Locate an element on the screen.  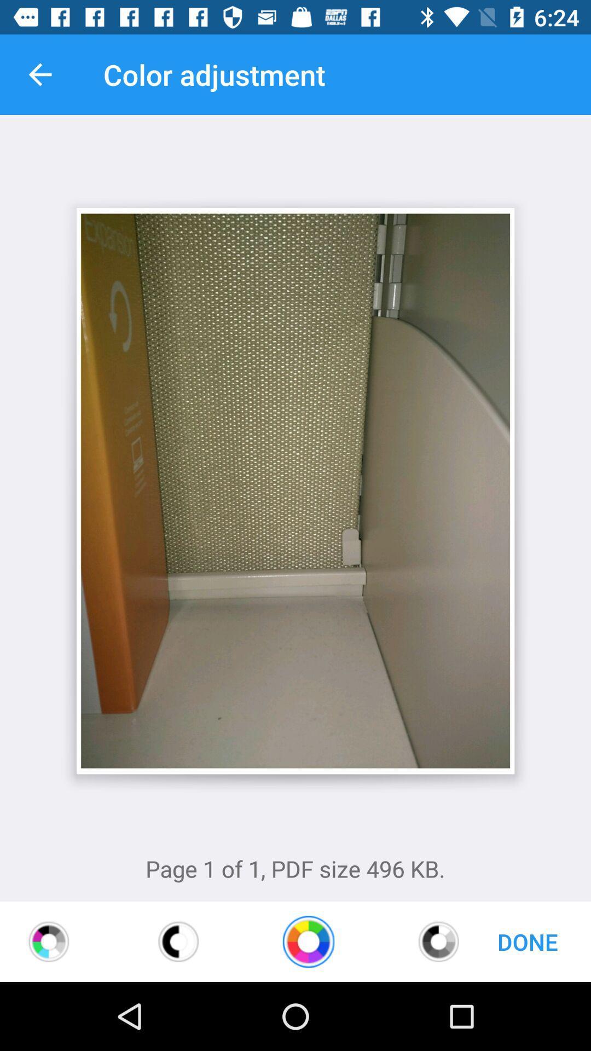
the done is located at coordinates (527, 941).